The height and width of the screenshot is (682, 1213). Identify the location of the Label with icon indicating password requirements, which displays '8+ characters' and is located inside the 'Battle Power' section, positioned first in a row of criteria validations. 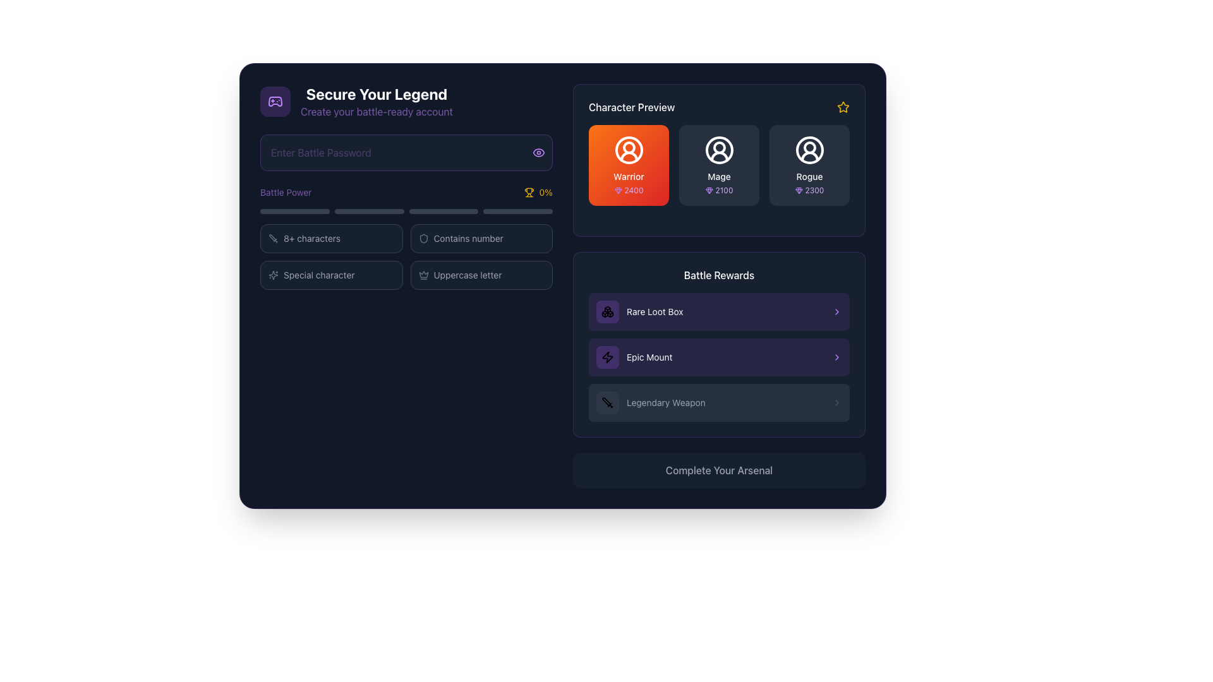
(331, 239).